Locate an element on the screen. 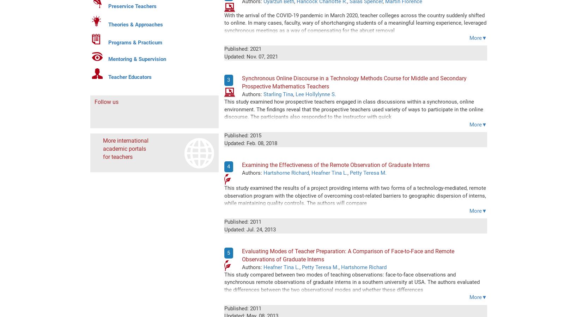  'Preservice Teachers' is located at coordinates (132, 6).